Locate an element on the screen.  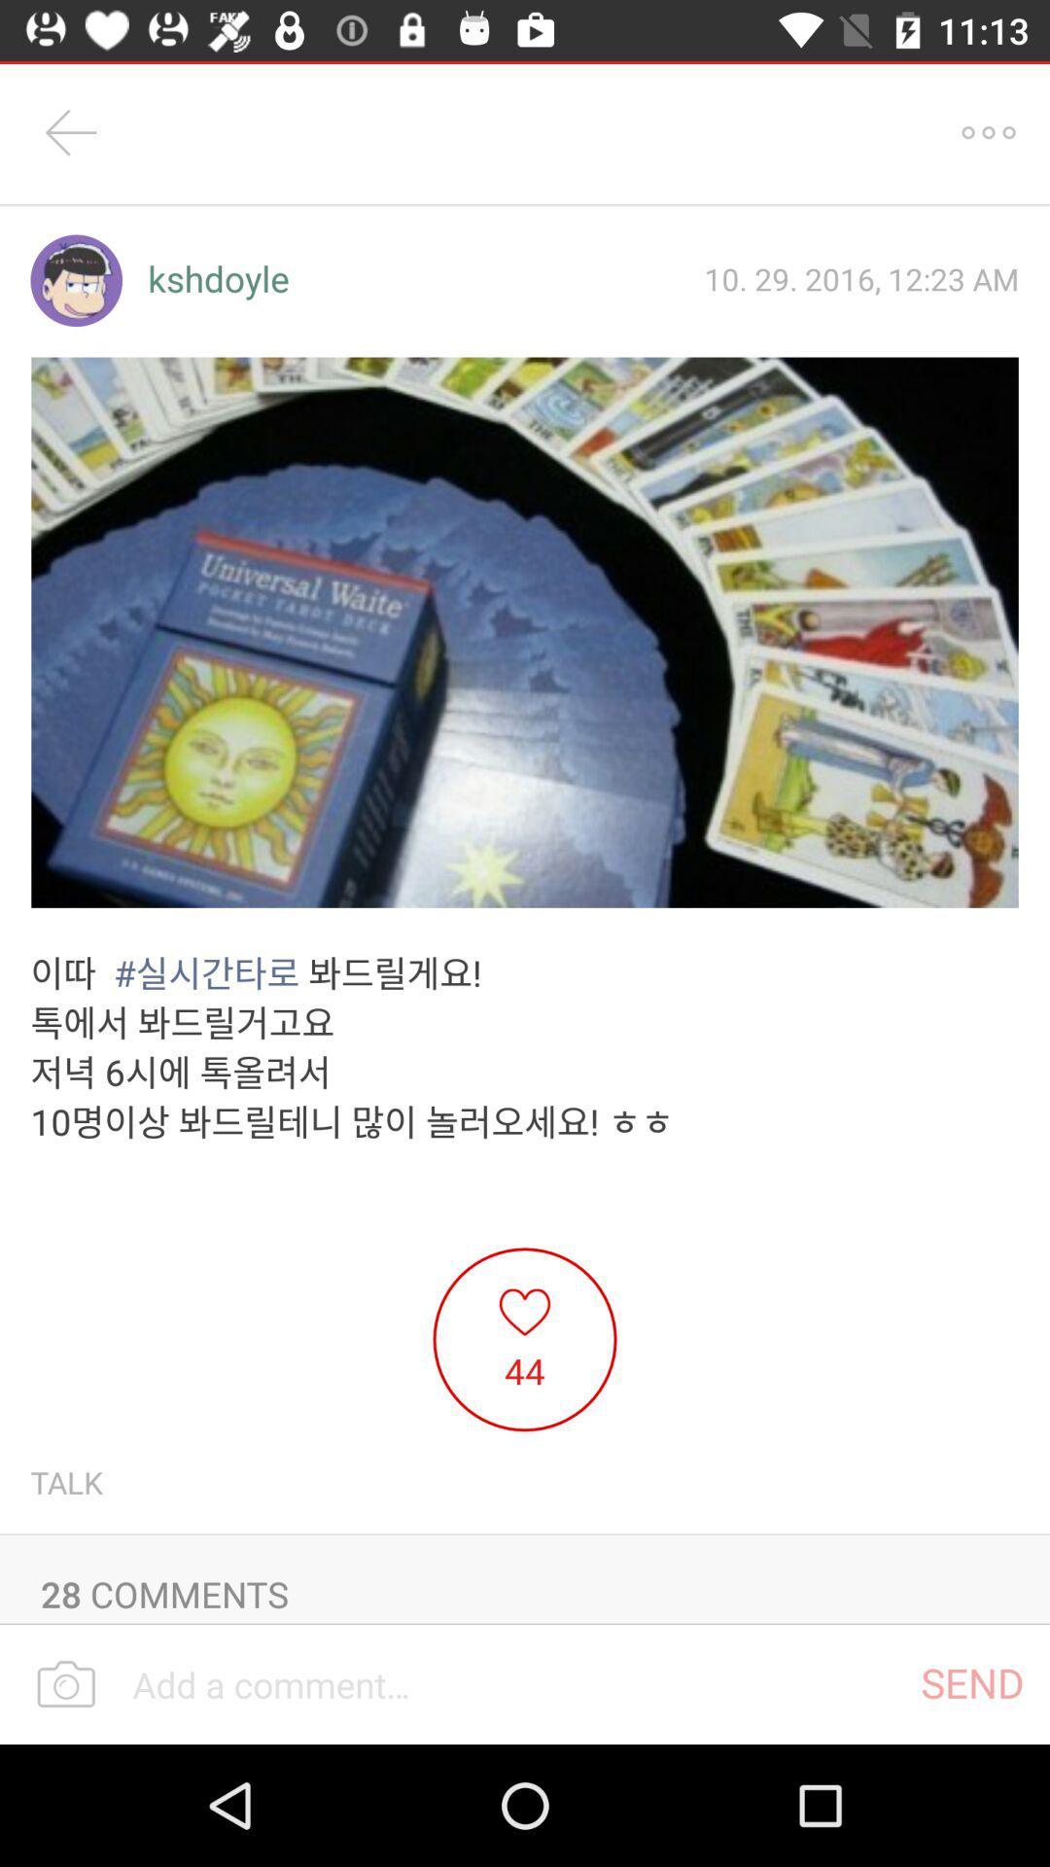
the first image below the kshdoyle is located at coordinates (525, 633).